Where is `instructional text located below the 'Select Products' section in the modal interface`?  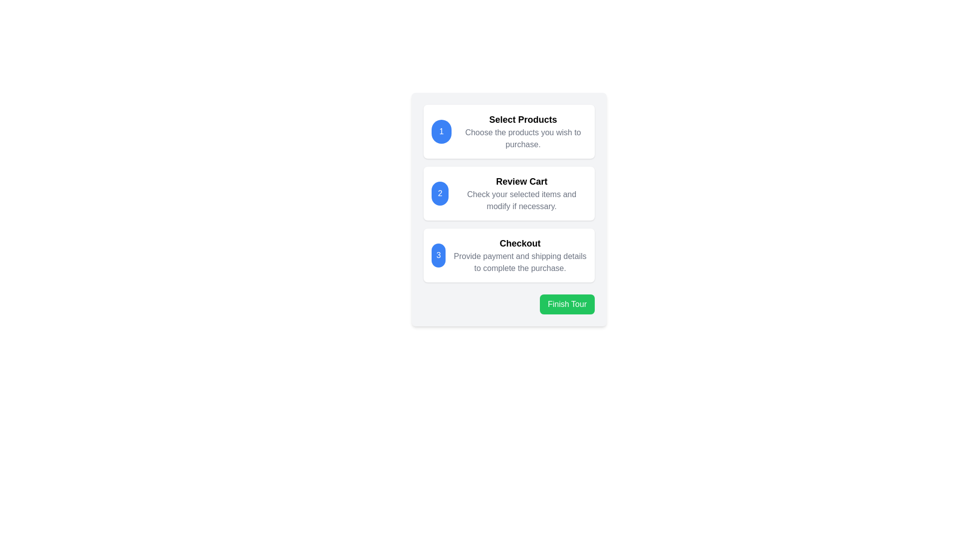
instructional text located below the 'Select Products' section in the modal interface is located at coordinates (522, 138).